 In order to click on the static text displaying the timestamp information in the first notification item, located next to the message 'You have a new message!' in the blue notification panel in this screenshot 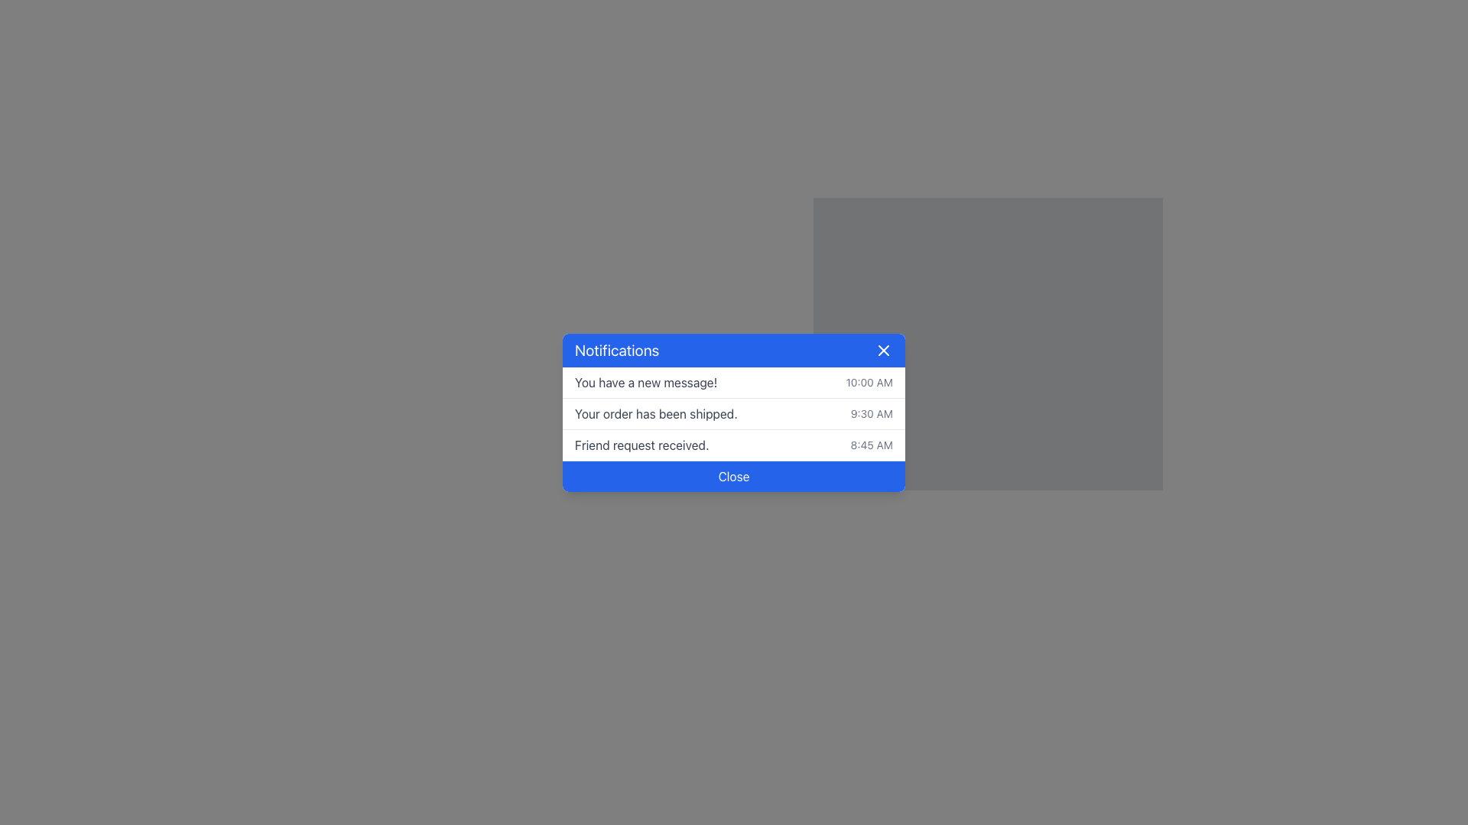, I will do `click(869, 381)`.